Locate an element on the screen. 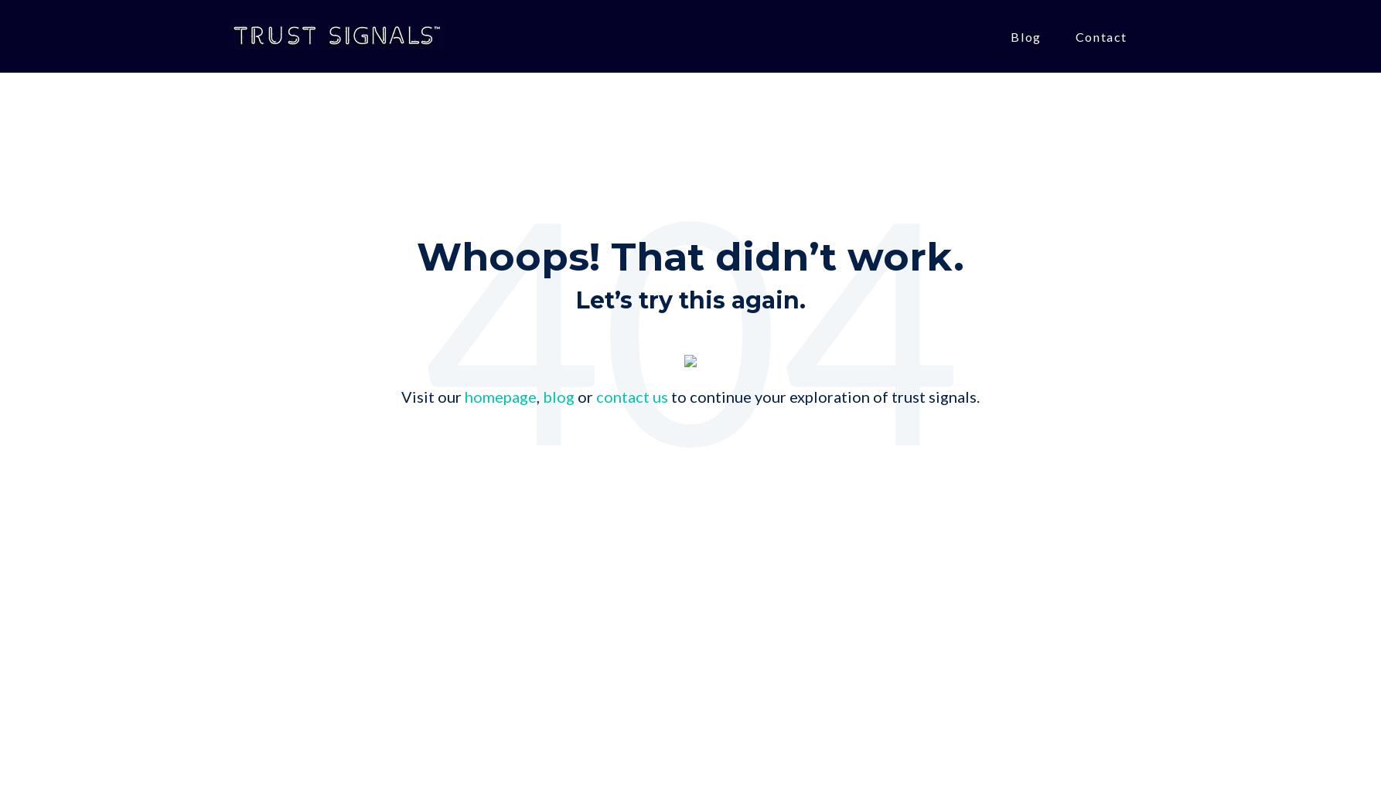 The image size is (1381, 804). 'blog' is located at coordinates (558, 397).